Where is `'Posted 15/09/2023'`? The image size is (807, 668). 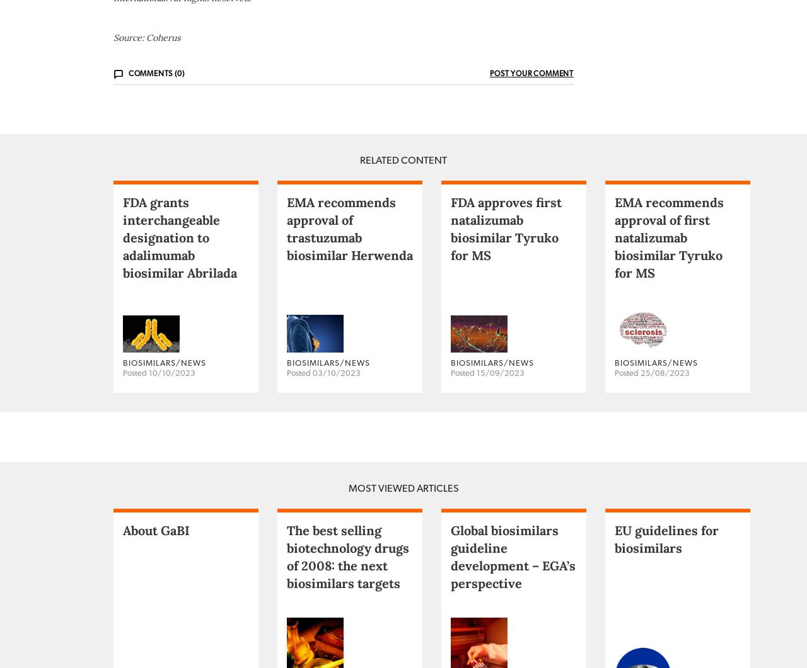 'Posted 15/09/2023' is located at coordinates (487, 422).